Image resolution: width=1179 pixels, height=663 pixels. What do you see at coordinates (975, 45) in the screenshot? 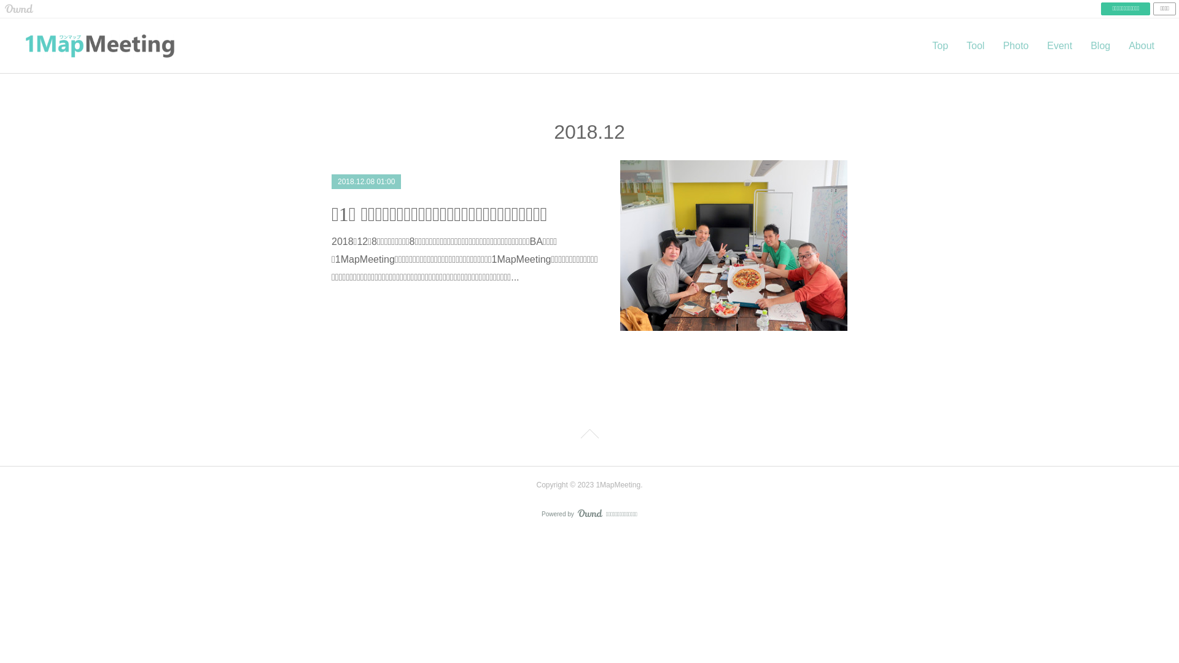
I see `'Tool'` at bounding box center [975, 45].